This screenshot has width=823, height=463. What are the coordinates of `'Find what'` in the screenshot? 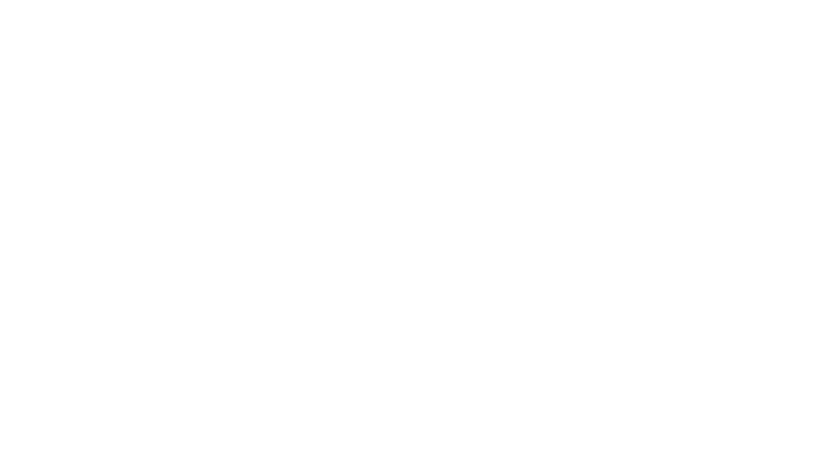 It's located at (85, 37).